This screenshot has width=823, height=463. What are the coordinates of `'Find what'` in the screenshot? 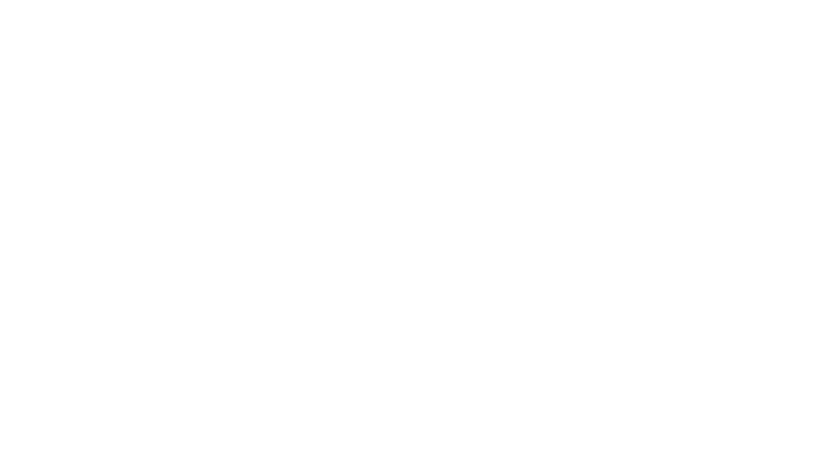 It's located at (85, 37).